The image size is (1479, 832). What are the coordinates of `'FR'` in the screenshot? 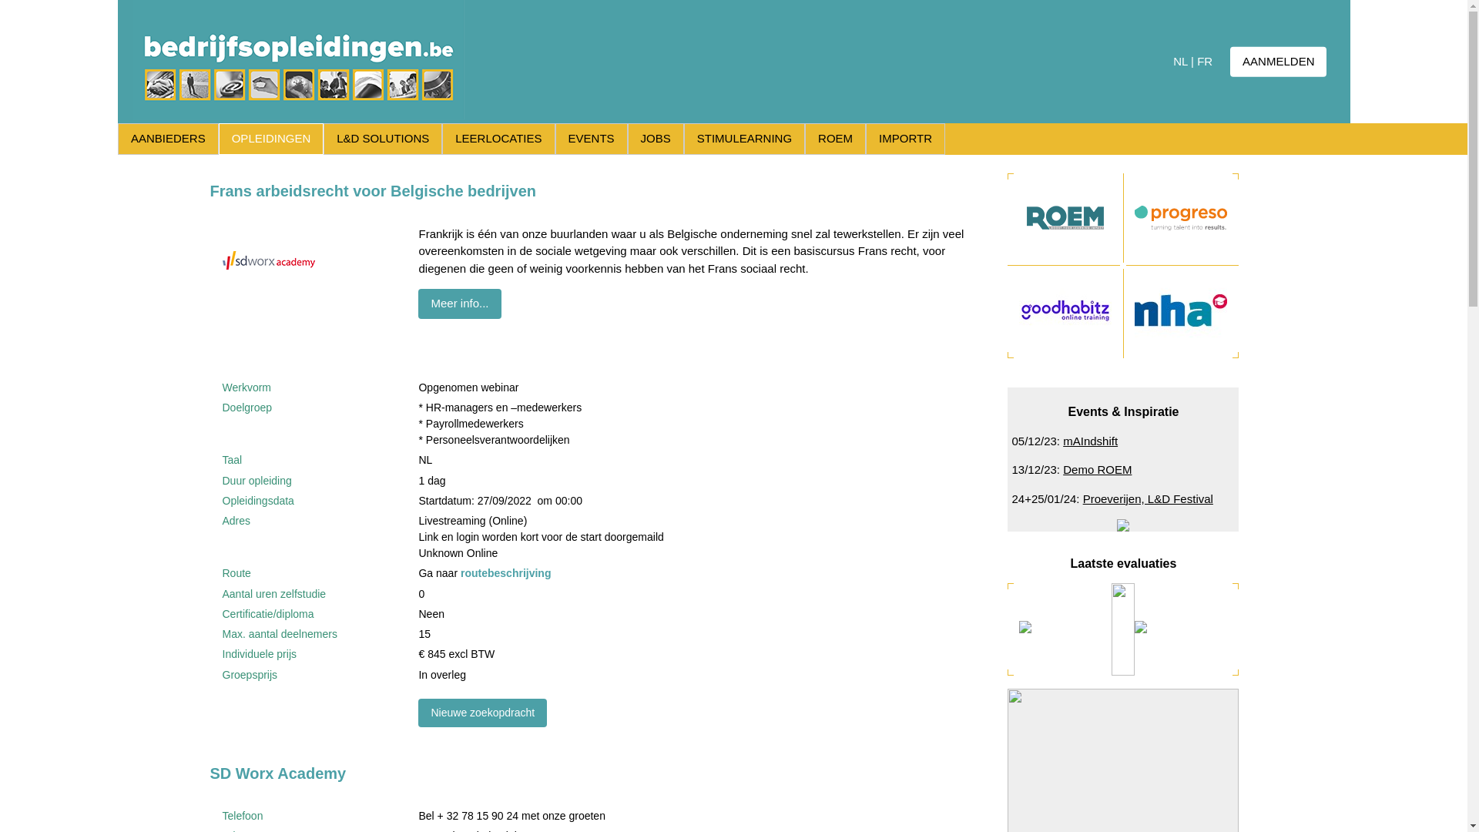 It's located at (1204, 60).